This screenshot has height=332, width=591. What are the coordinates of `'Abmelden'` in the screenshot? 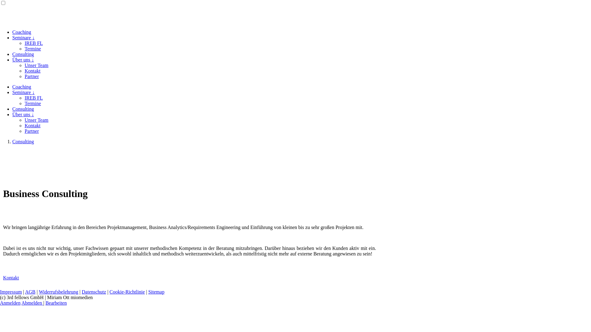 It's located at (32, 302).